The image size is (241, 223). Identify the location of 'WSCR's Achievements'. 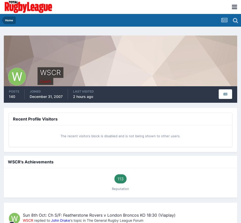
(31, 162).